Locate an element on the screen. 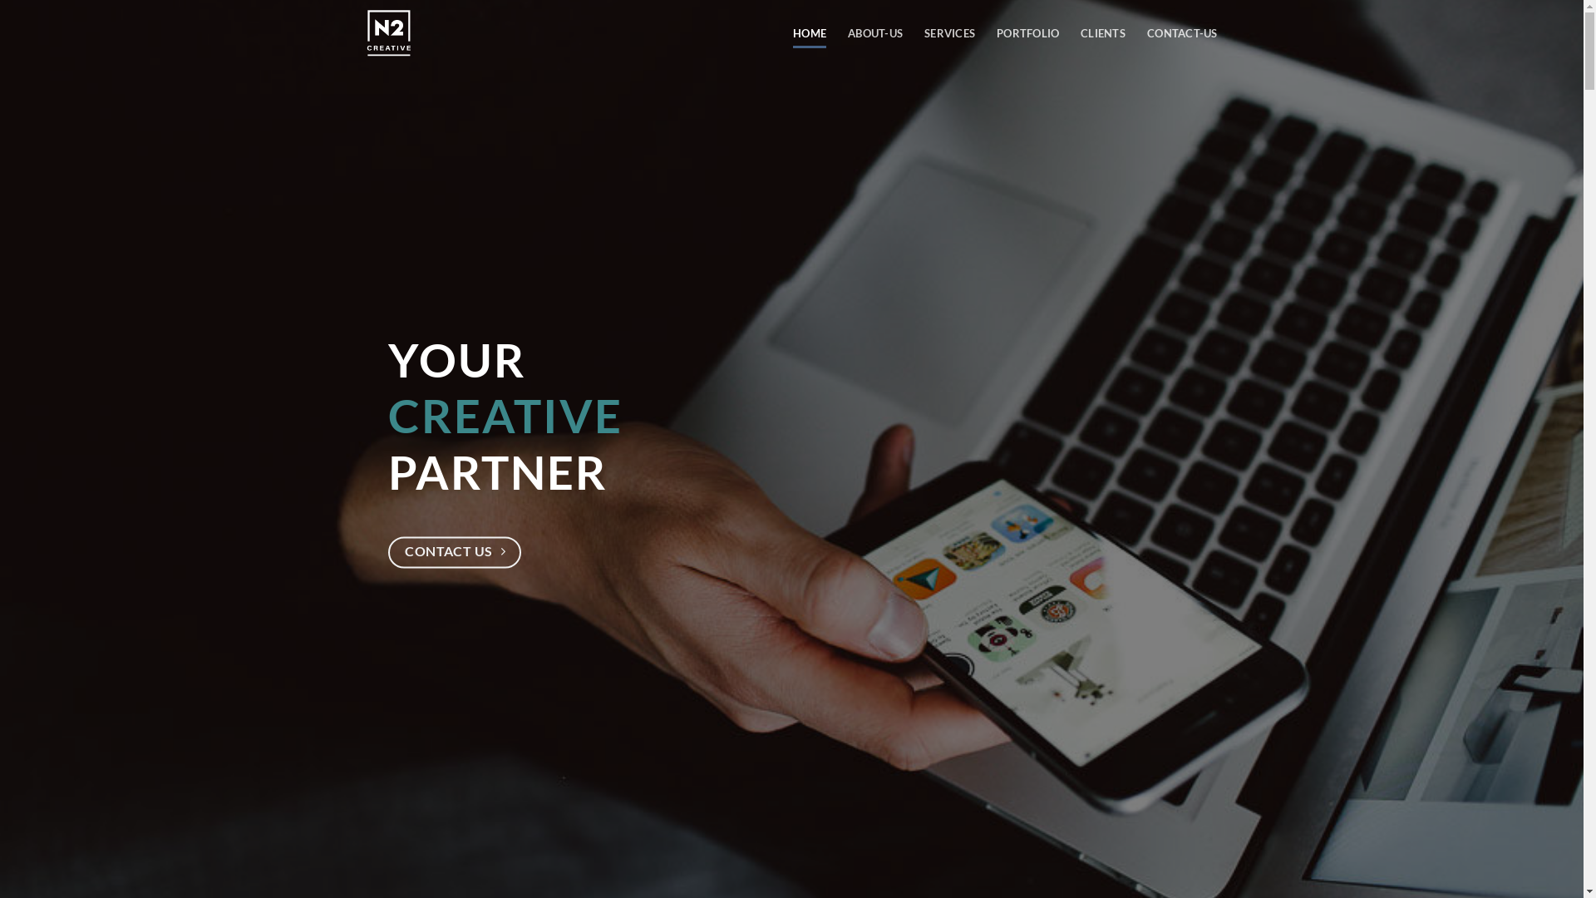  'CONTACT-US' is located at coordinates (1181, 32).